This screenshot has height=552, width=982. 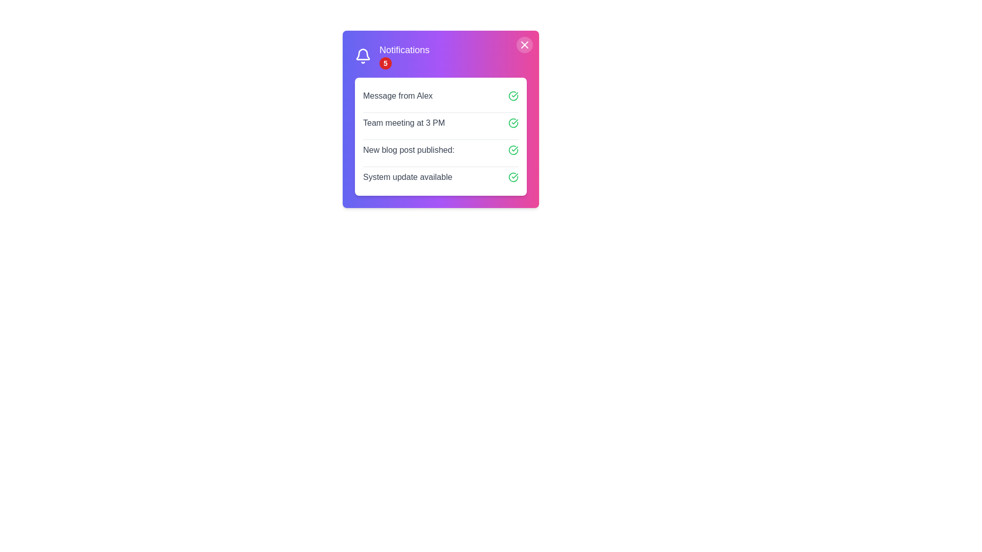 What do you see at coordinates (441, 176) in the screenshot?
I see `the checkmark icon in the fourth notification item that informs the user about a system update being available` at bounding box center [441, 176].